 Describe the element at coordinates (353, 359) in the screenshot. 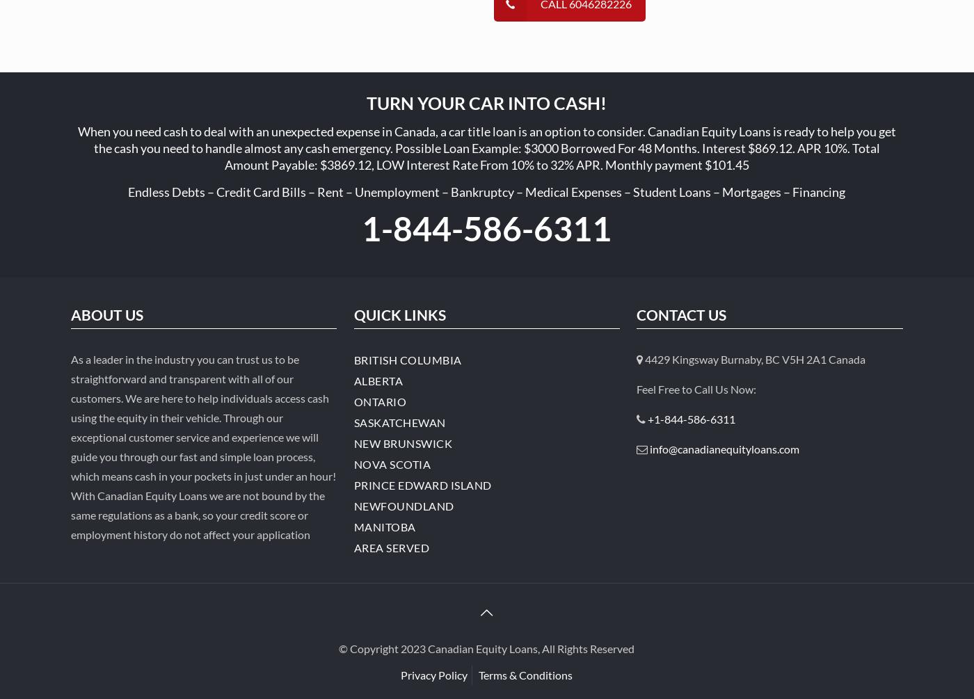

I see `'British Columbia'` at that location.